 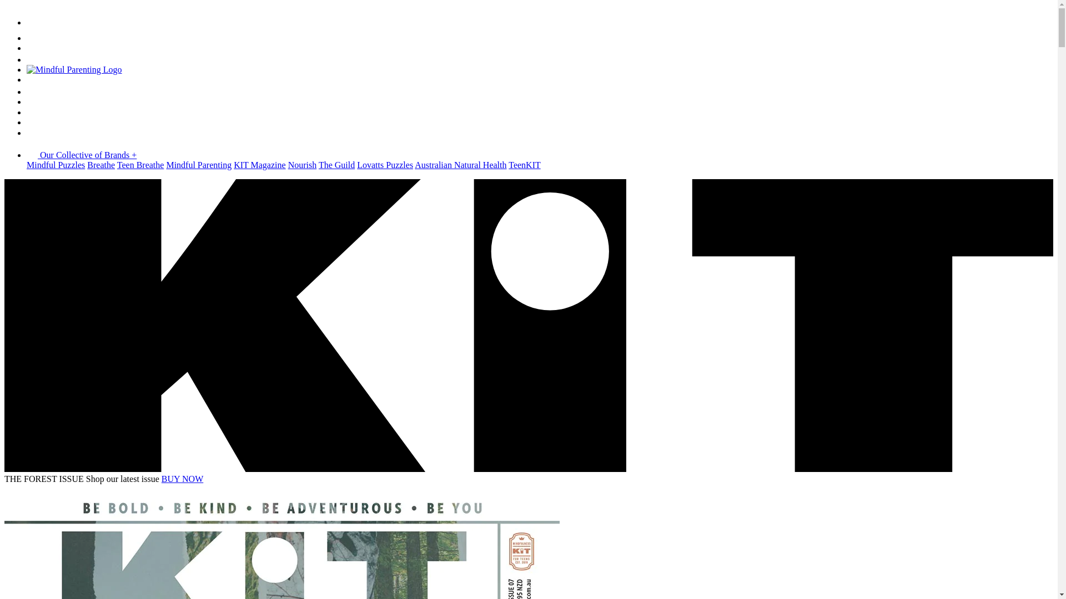 What do you see at coordinates (81, 155) in the screenshot?
I see `'Our Collective of Brands +'` at bounding box center [81, 155].